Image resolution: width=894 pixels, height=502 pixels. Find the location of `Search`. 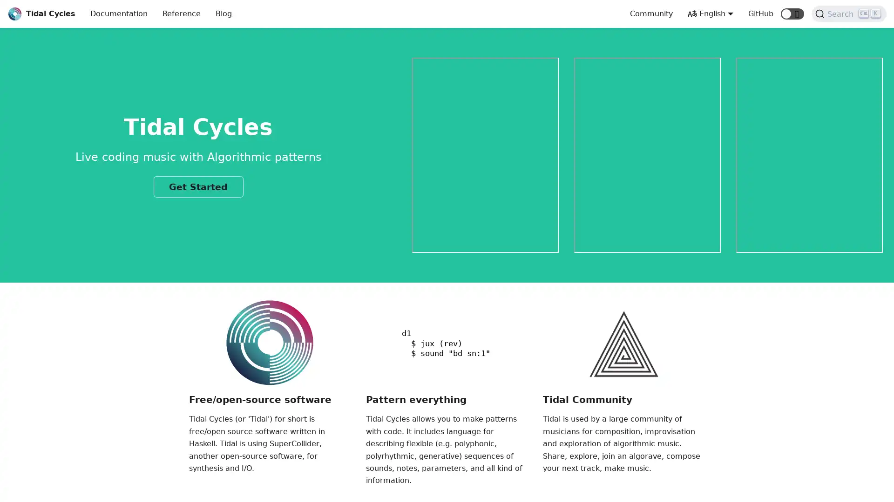

Search is located at coordinates (849, 14).